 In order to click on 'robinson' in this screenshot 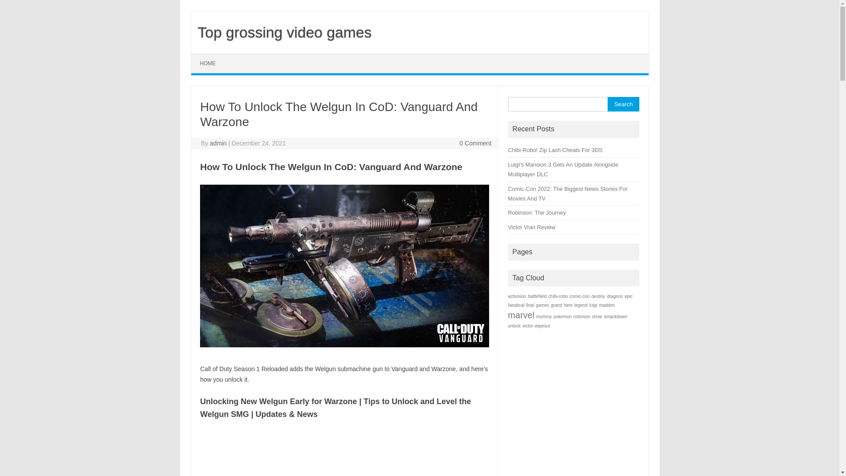, I will do `click(582, 316)`.